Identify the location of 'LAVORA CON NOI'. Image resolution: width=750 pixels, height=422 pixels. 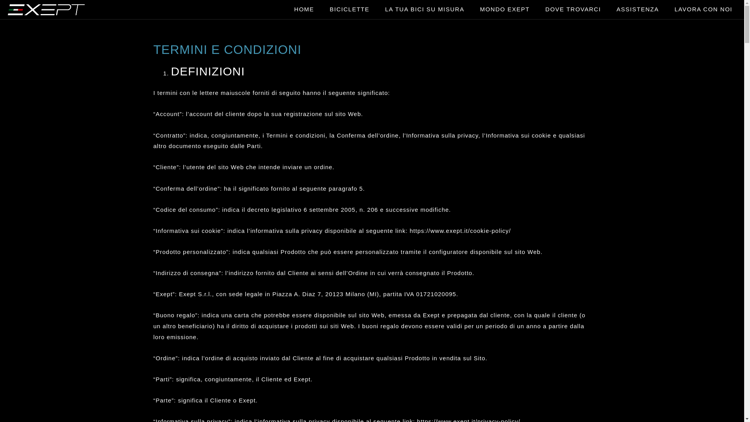
(703, 9).